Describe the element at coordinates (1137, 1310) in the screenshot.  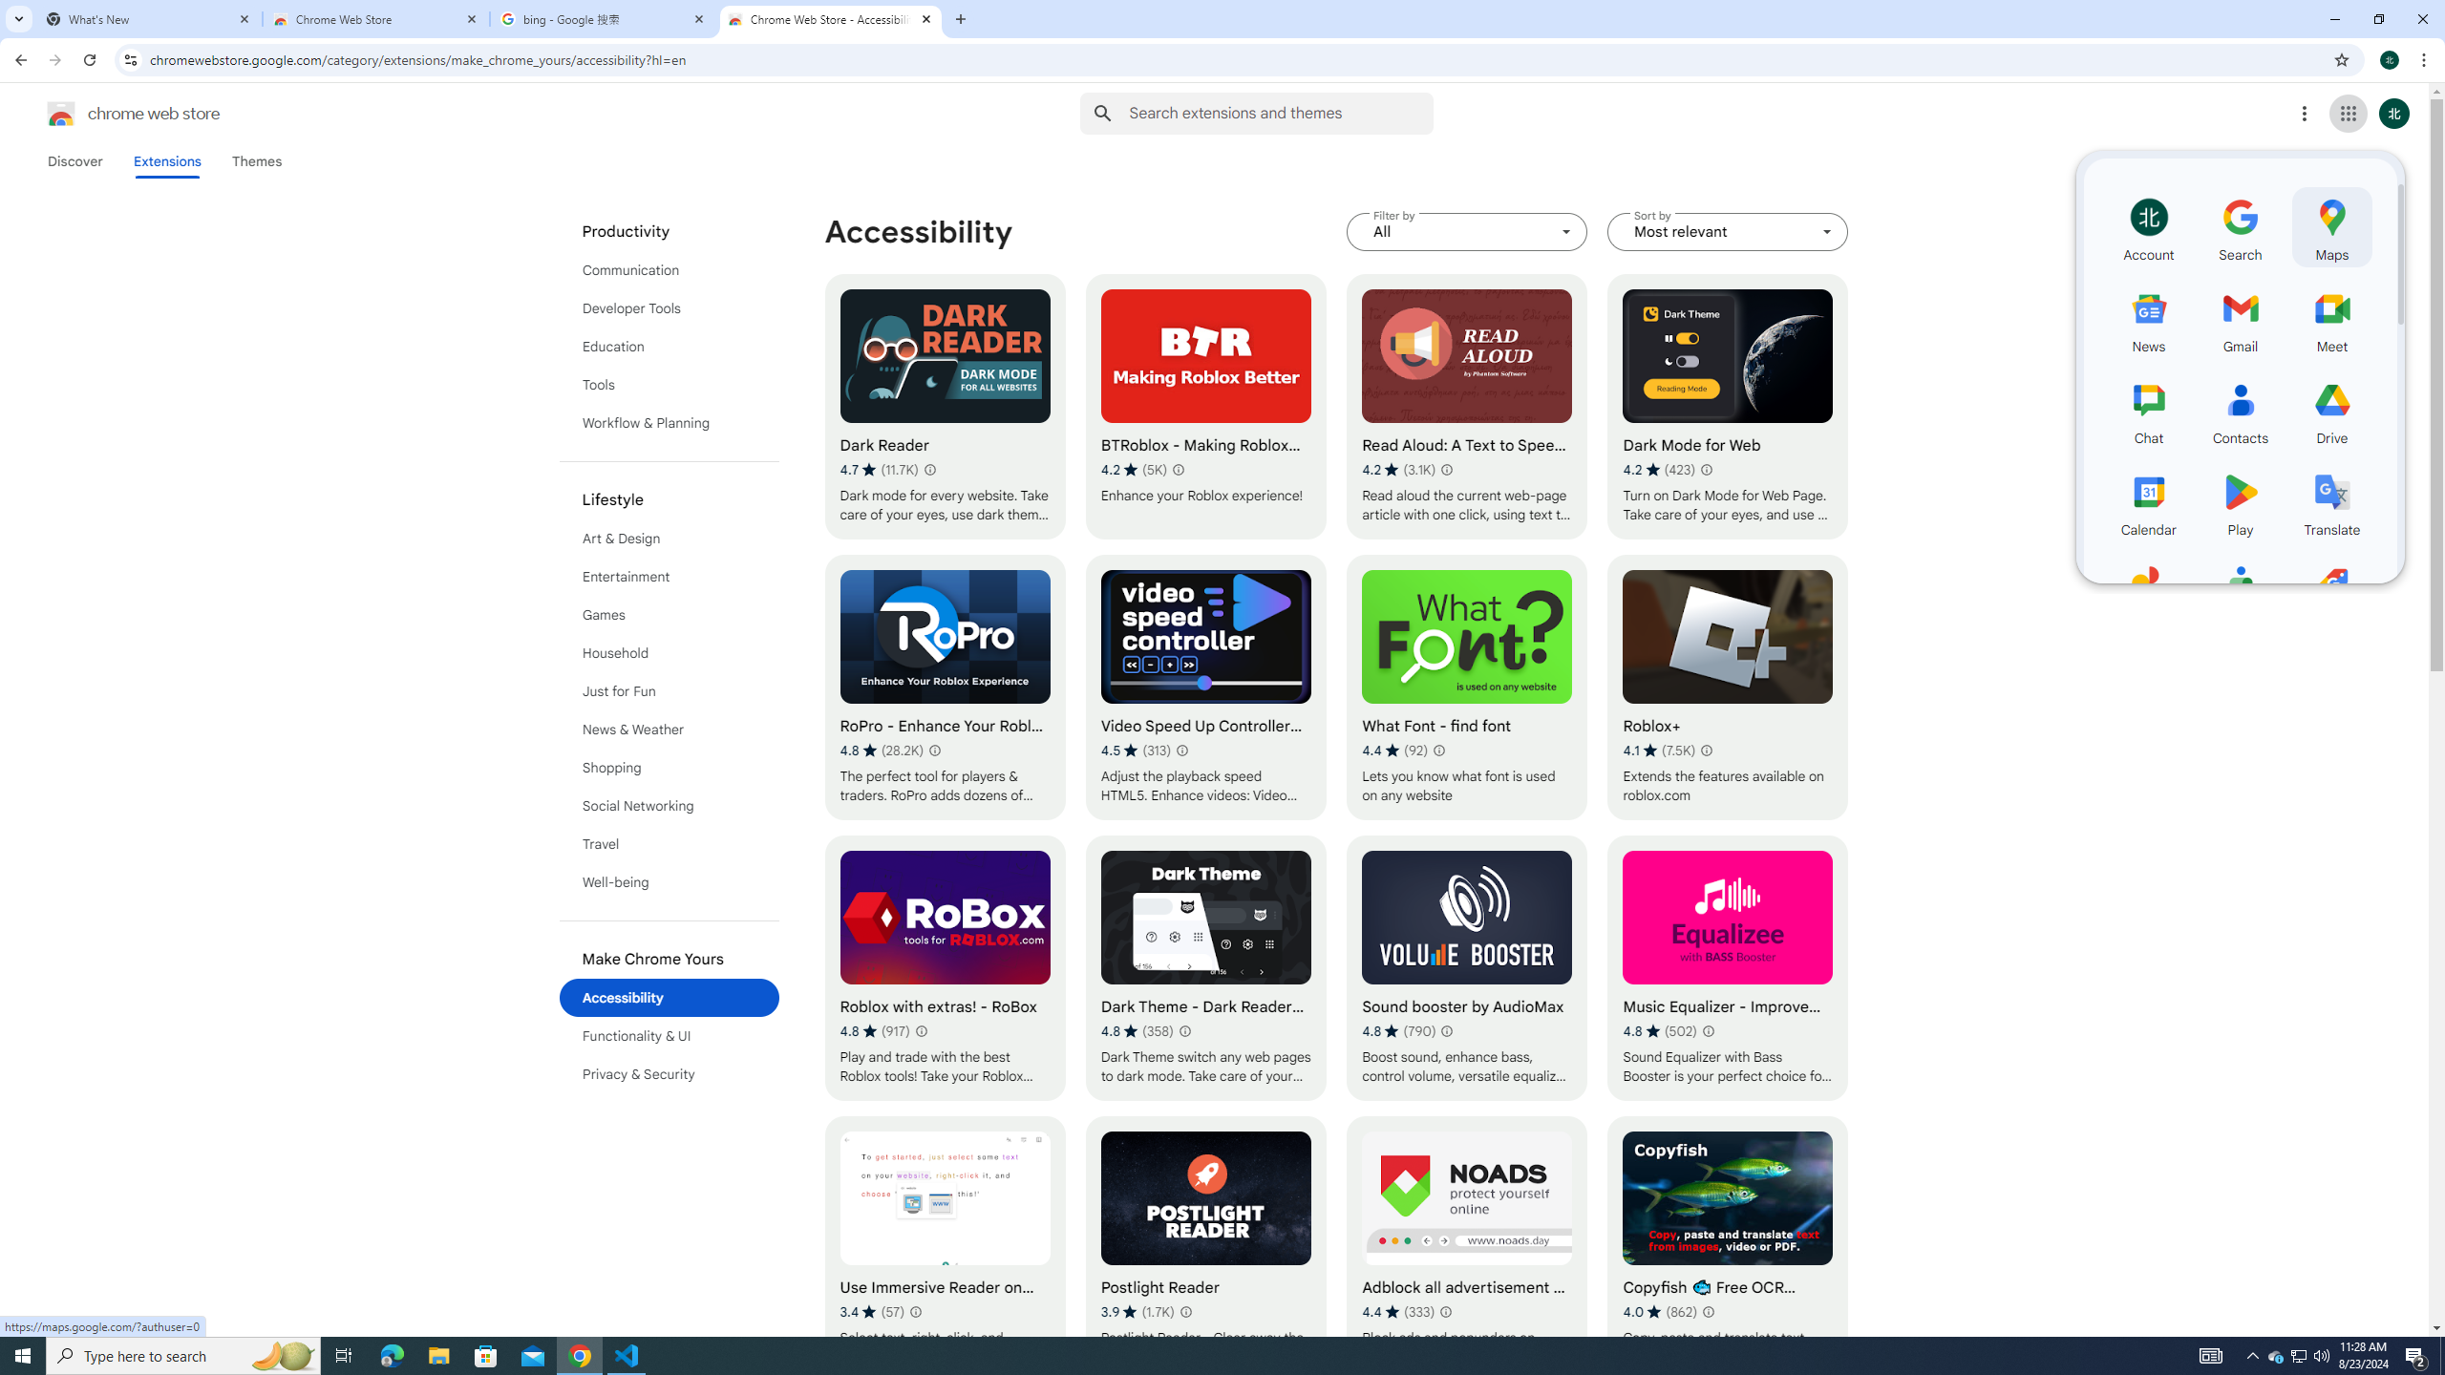
I see `'Average rating 3.9 out of 5 stars. 1.7K ratings.'` at that location.